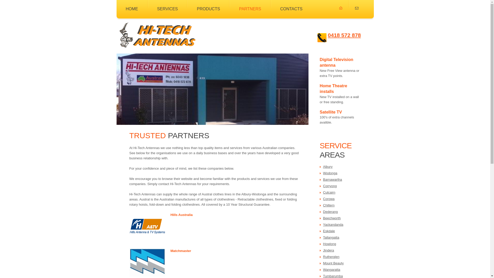 The image size is (494, 278). I want to click on 'Yackandanda', so click(333, 224).